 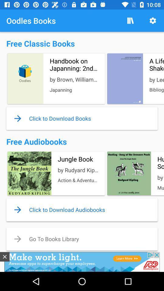 I want to click on the button above go to books library, so click(x=82, y=209).